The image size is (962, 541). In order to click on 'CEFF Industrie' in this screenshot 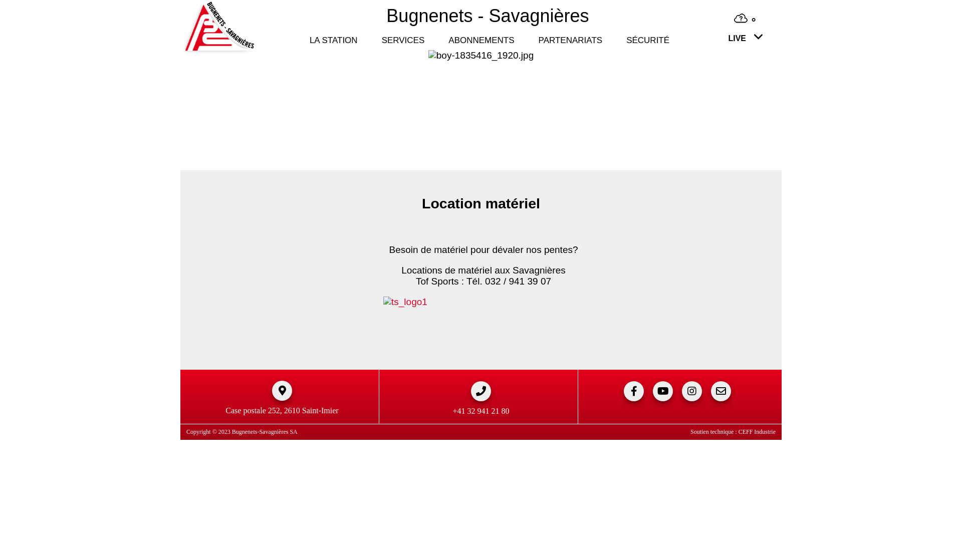, I will do `click(738, 431)`.